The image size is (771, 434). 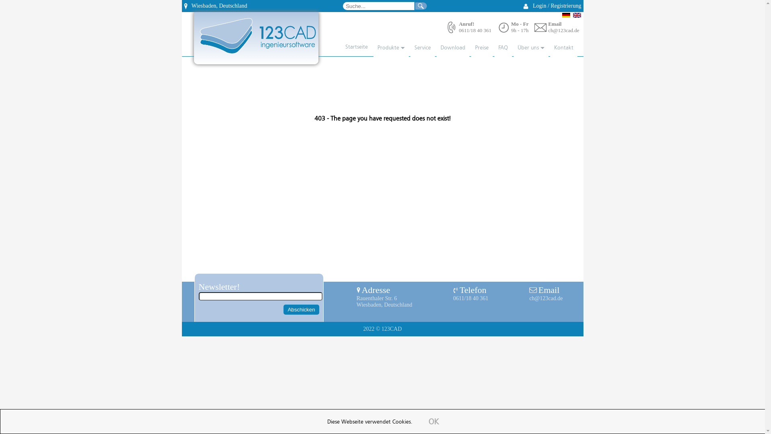 What do you see at coordinates (565, 6) in the screenshot?
I see `'Registrierung'` at bounding box center [565, 6].